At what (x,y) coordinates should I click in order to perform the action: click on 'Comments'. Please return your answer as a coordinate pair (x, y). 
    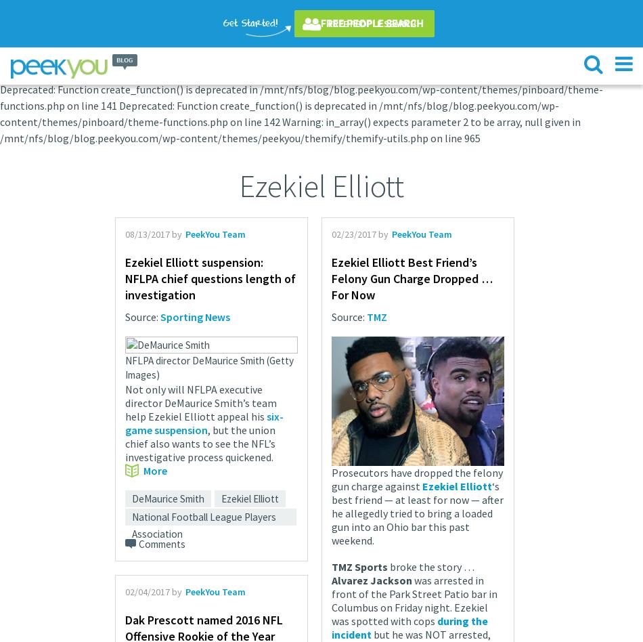
    Looking at the image, I should click on (139, 543).